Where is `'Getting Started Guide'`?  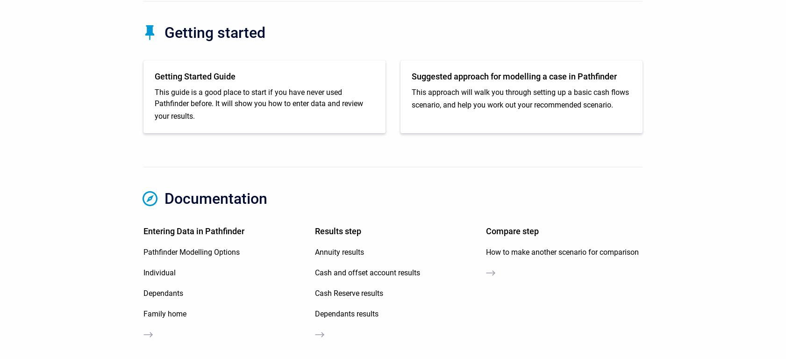
'Getting Started Guide' is located at coordinates (194, 76).